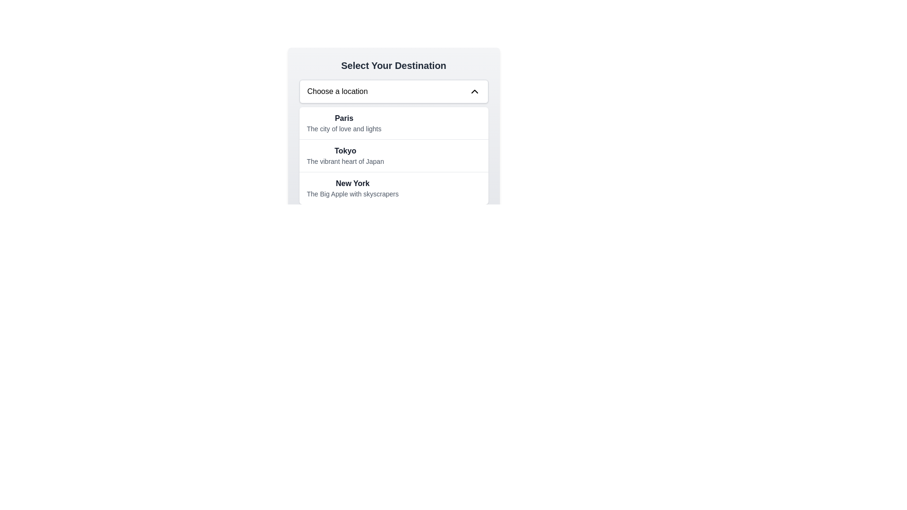 The width and height of the screenshot is (907, 510). What do you see at coordinates (352, 188) in the screenshot?
I see `the third option in the dropdown menu` at bounding box center [352, 188].